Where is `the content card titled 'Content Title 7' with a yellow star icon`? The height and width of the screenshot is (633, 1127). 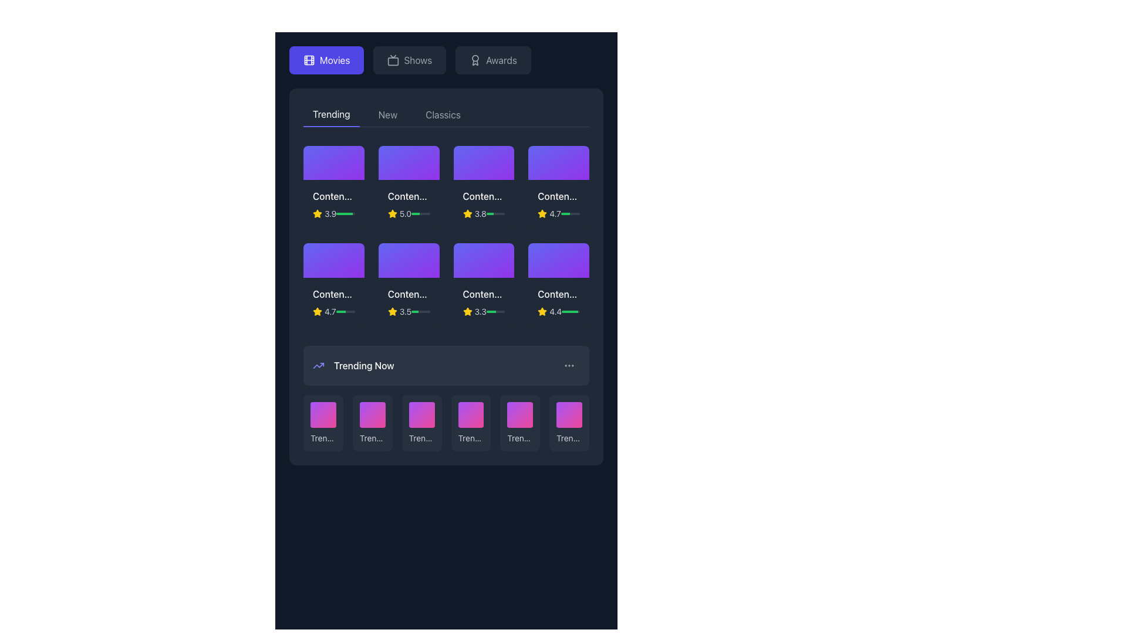 the content card titled 'Content Title 7' with a yellow star icon is located at coordinates (484, 285).